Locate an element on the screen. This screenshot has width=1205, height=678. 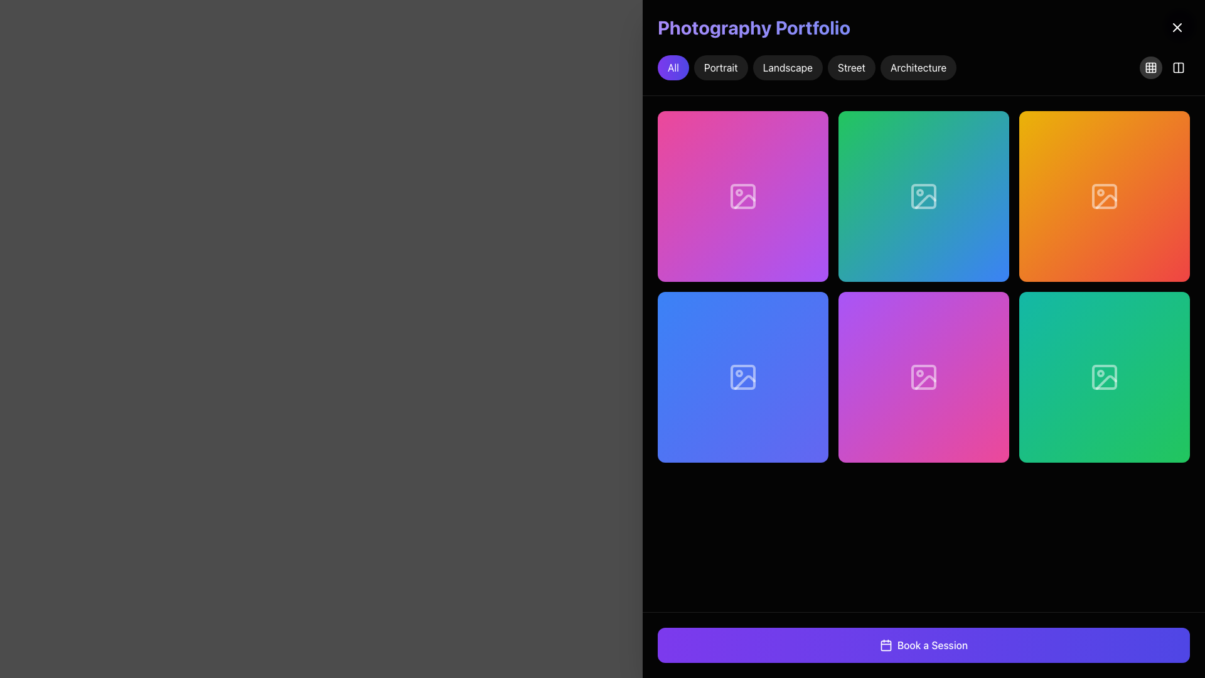
the SVG image placeholder icon, which is styled with a square outline and placed within a green rectangular tile is located at coordinates (1105, 377).